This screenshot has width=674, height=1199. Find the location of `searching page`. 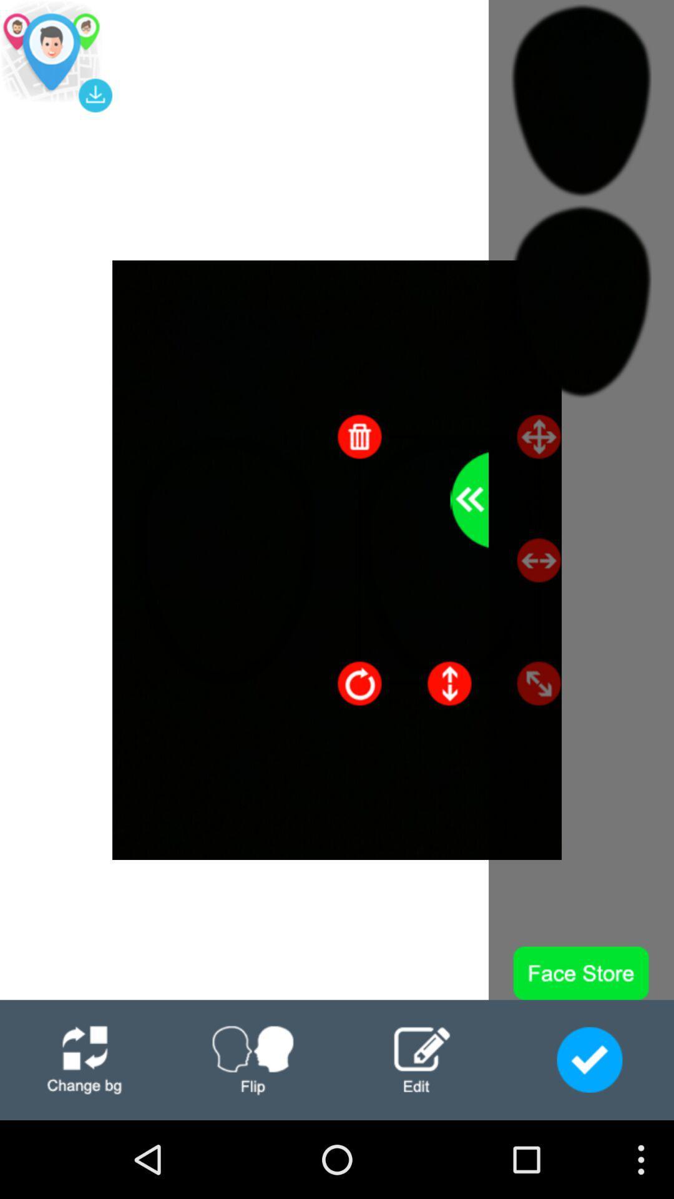

searching page is located at coordinates (55, 56).